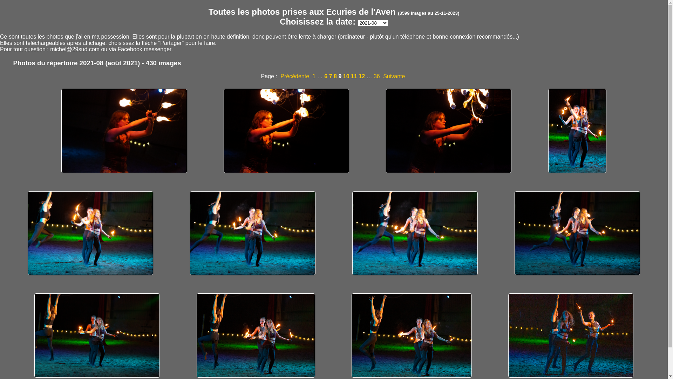 The width and height of the screenshot is (673, 379). Describe the element at coordinates (314, 76) in the screenshot. I see `'1'` at that location.